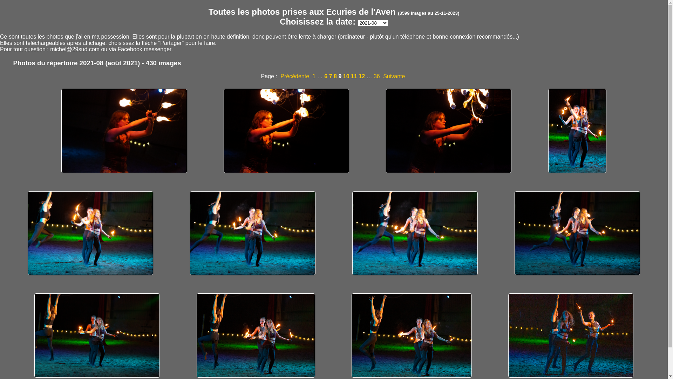 The width and height of the screenshot is (673, 379). Describe the element at coordinates (314, 76) in the screenshot. I see `'1'` at that location.